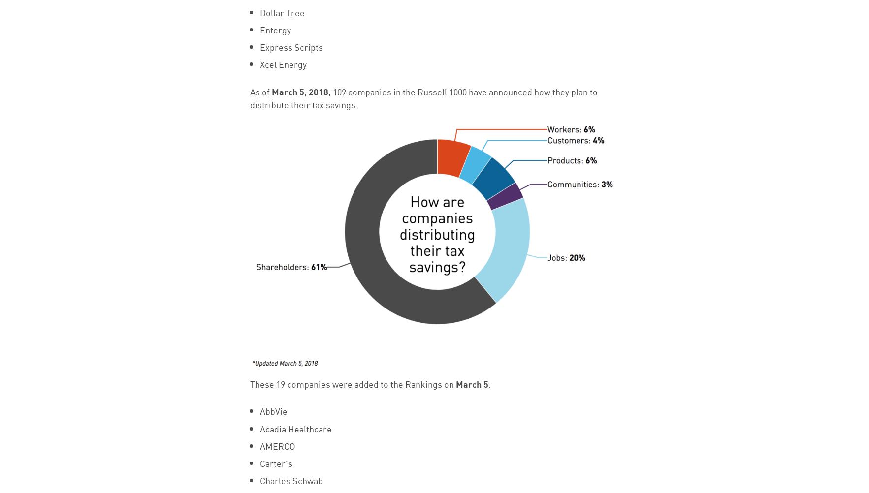 The width and height of the screenshot is (869, 493). Describe the element at coordinates (272, 410) in the screenshot. I see `'AbbVie'` at that location.